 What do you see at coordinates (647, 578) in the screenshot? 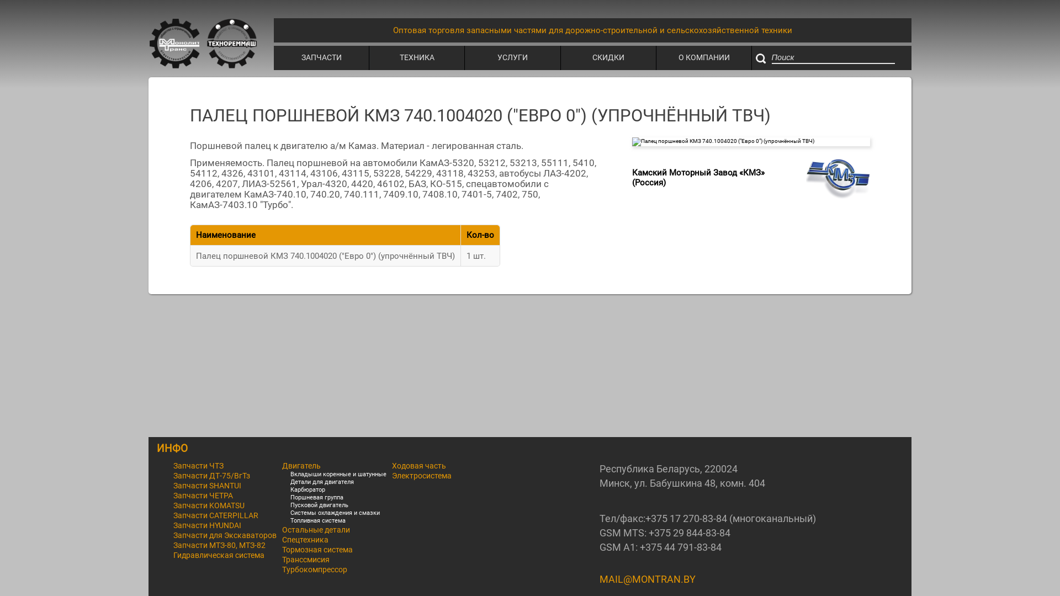
I see `'MAIL@MONTRAN.BY'` at bounding box center [647, 578].